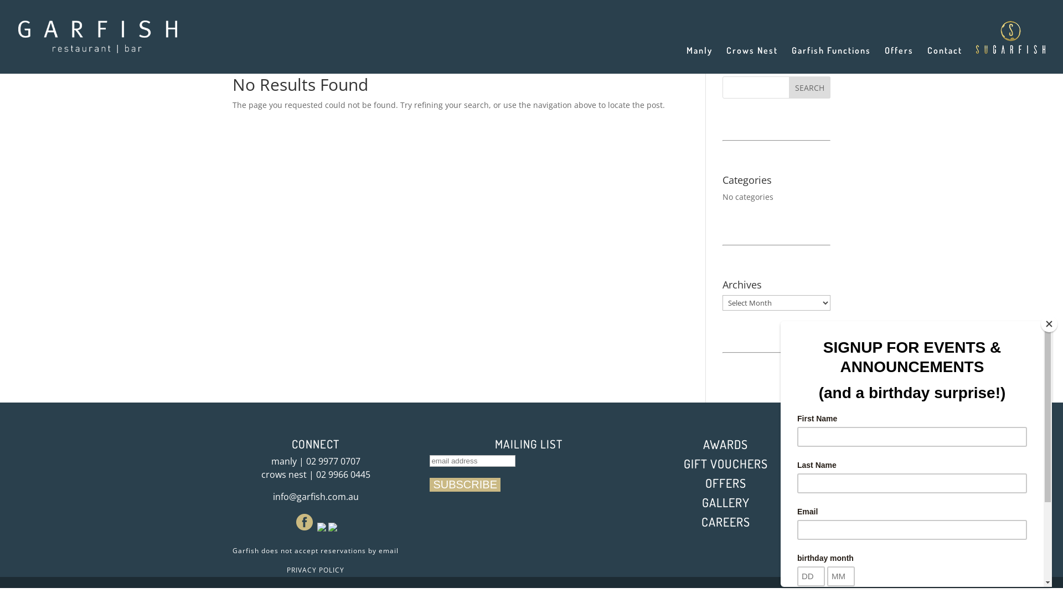 This screenshot has width=1063, height=598. Describe the element at coordinates (927, 60) in the screenshot. I see `'Contact'` at that location.